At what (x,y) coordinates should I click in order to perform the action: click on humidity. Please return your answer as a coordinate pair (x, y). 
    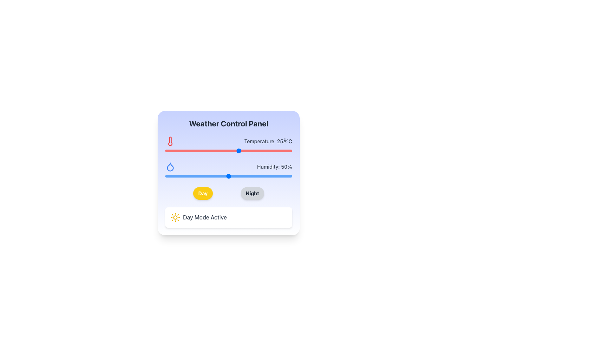
    Looking at the image, I should click on (182, 176).